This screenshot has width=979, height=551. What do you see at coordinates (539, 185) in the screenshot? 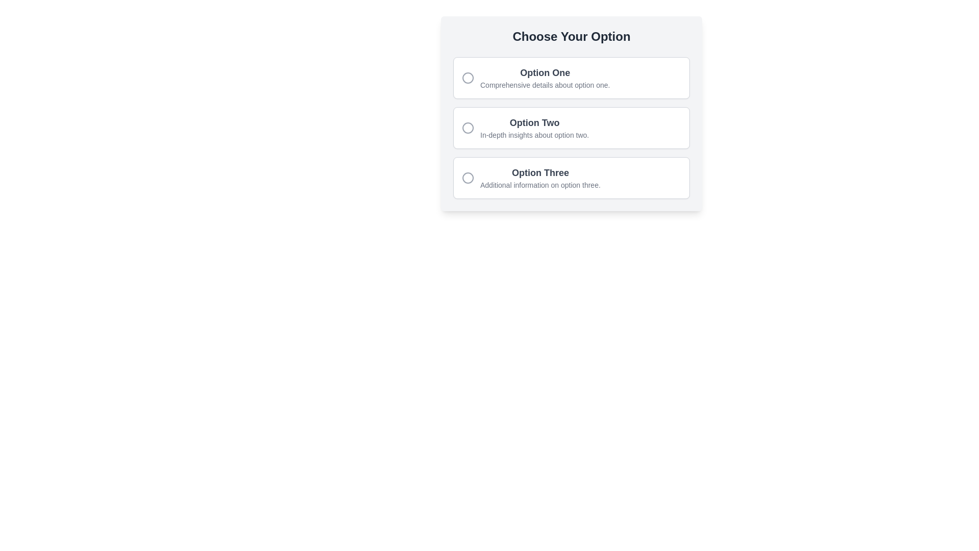
I see `descriptive text located directly under the 'Option Three' choice, which provides additional details about this option` at bounding box center [539, 185].